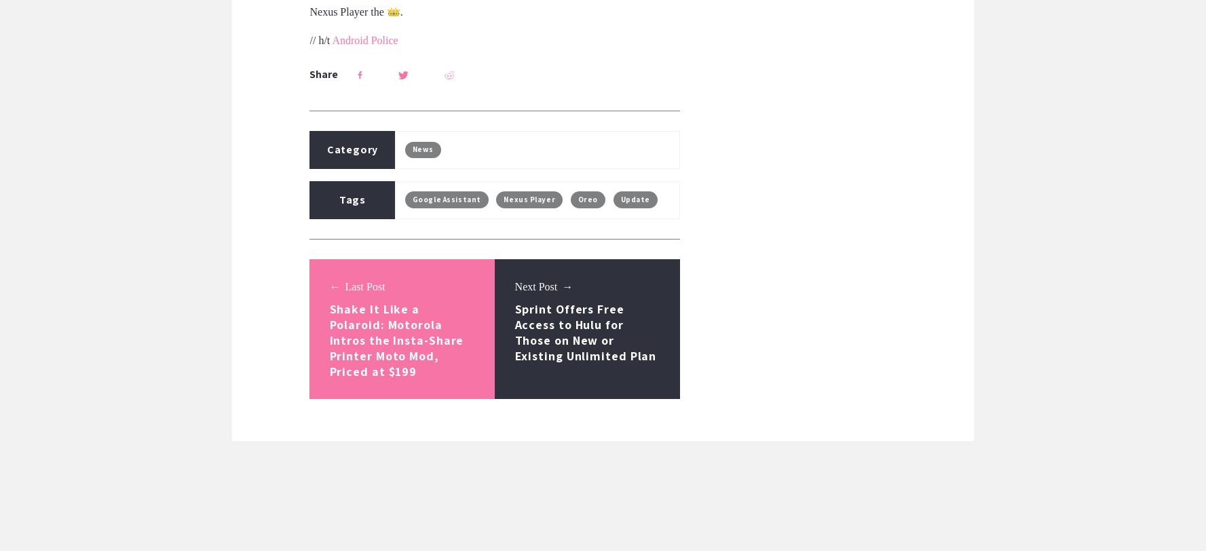  Describe the element at coordinates (535, 286) in the screenshot. I see `'Next Post'` at that location.